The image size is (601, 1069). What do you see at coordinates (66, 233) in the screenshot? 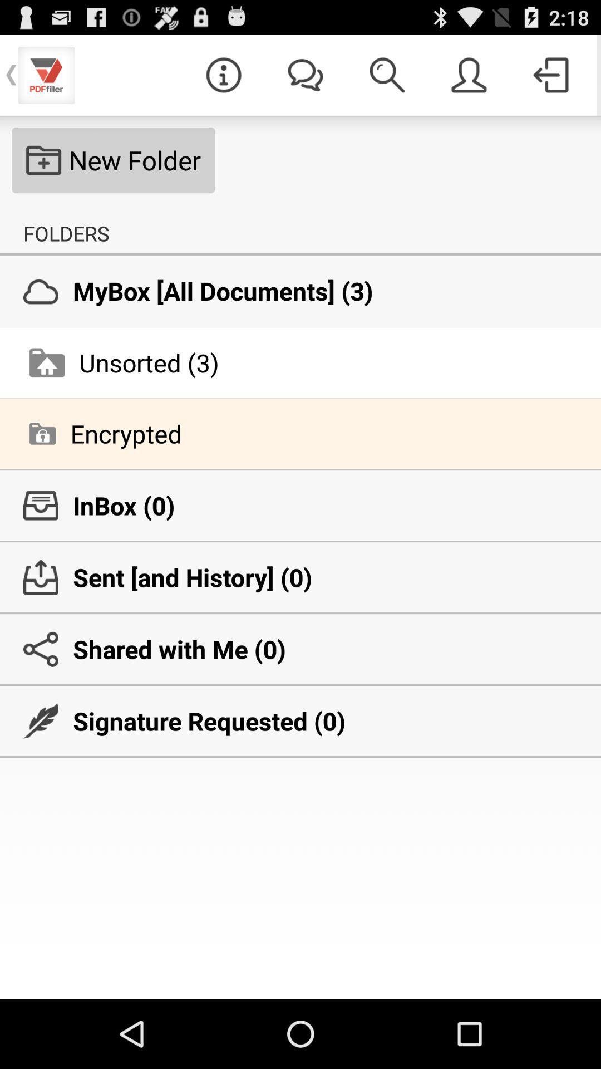
I see `folders item` at bounding box center [66, 233].